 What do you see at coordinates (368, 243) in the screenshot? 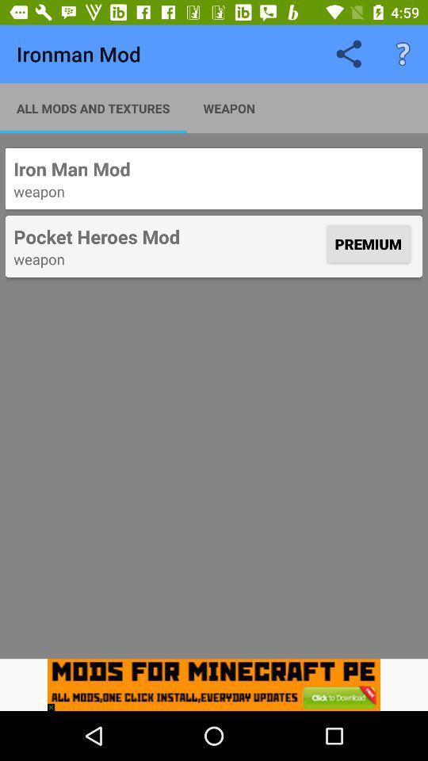
I see `the item below weapon icon` at bounding box center [368, 243].